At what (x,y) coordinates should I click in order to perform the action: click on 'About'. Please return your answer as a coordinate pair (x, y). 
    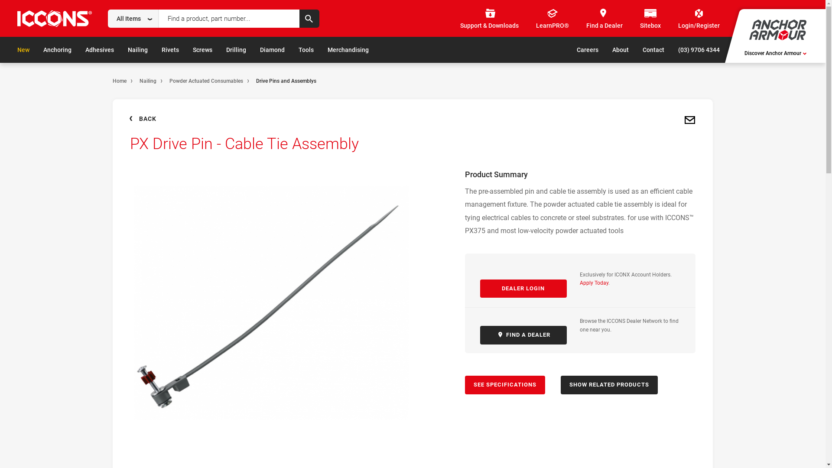
    Looking at the image, I should click on (620, 50).